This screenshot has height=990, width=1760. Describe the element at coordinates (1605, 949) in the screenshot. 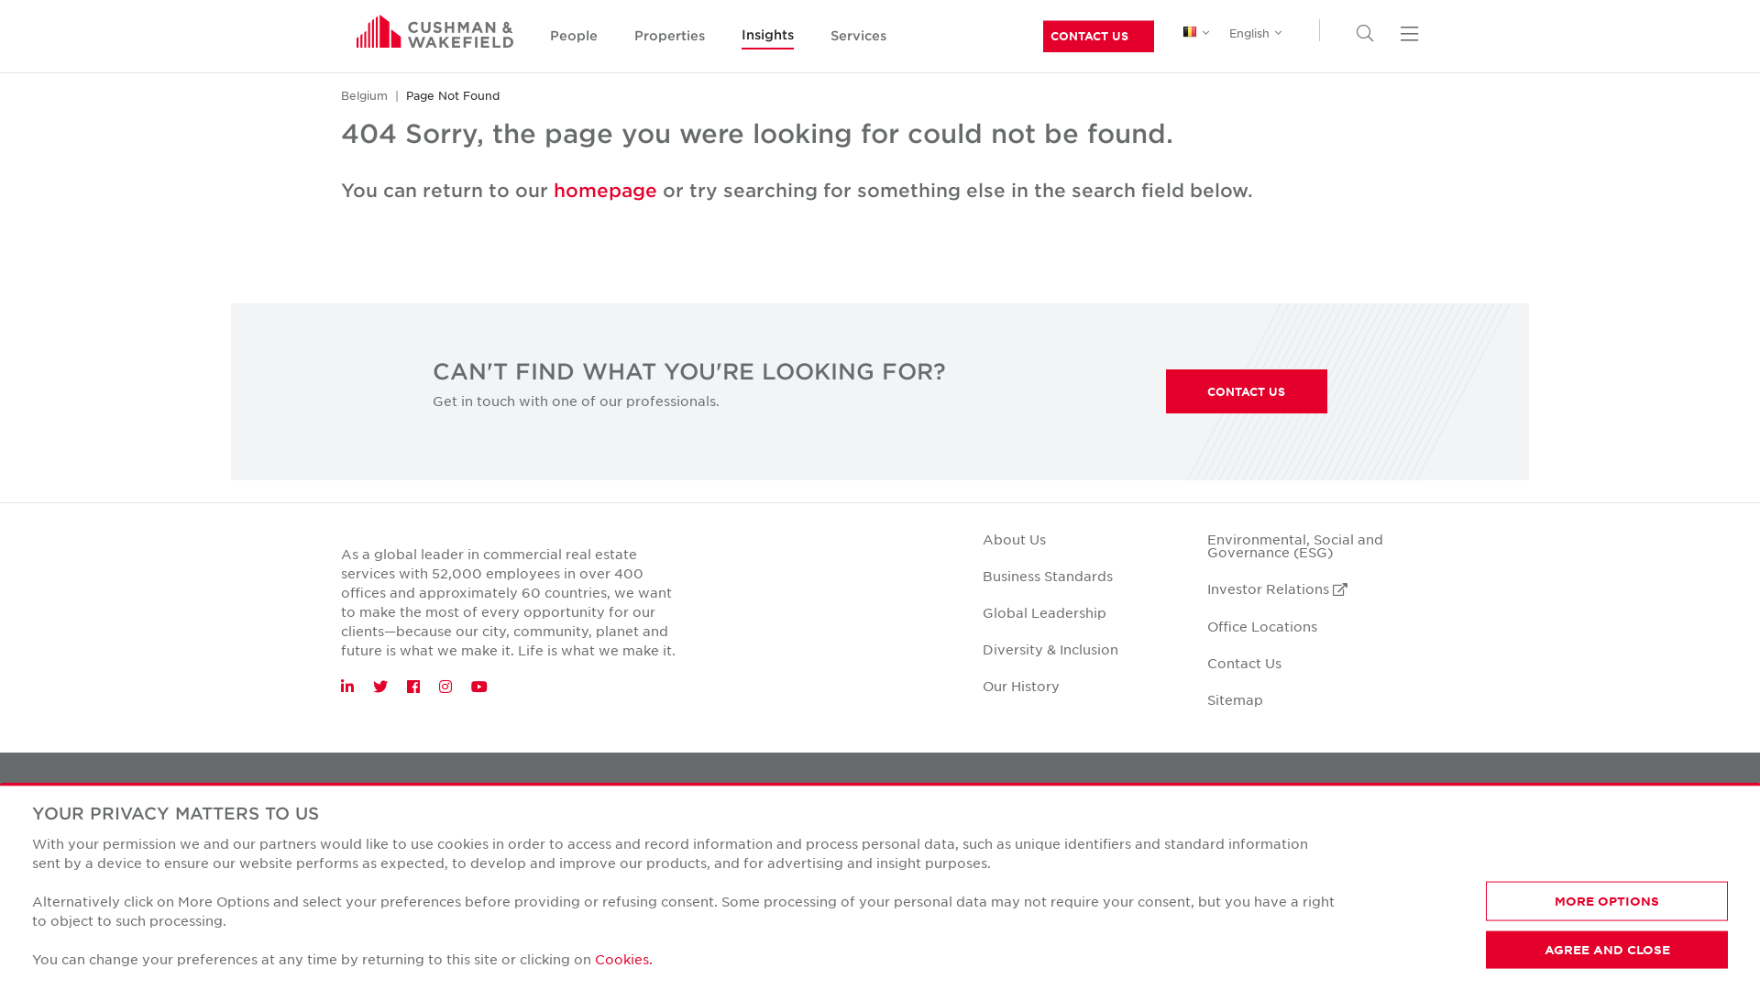

I see `'AGREE AND CLOSE'` at that location.